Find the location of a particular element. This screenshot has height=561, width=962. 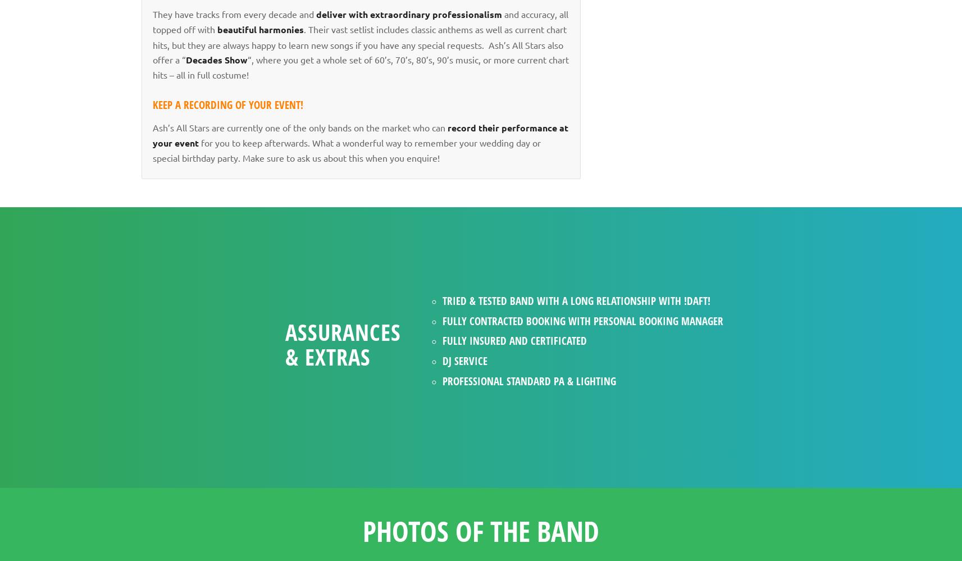

'TRIED & TESTED BAND WITH A LONG RELATIONSHIP WITH !DAFT!' is located at coordinates (576, 300).